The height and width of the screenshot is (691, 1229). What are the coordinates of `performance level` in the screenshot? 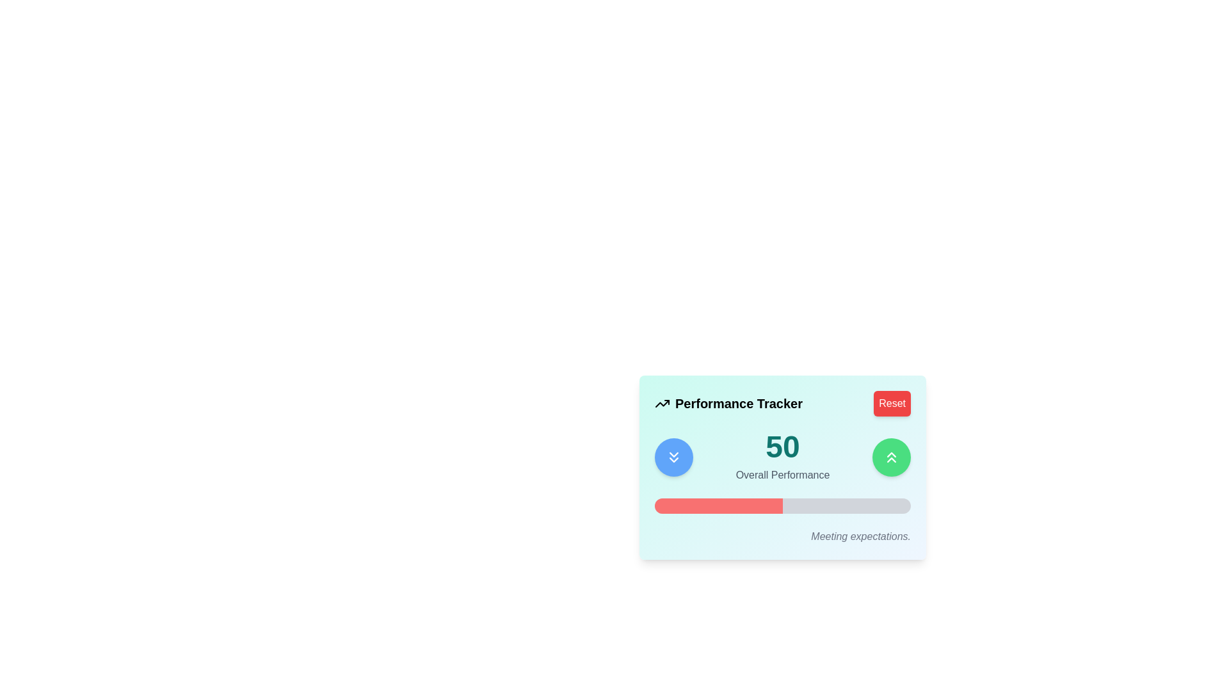 It's located at (750, 505).